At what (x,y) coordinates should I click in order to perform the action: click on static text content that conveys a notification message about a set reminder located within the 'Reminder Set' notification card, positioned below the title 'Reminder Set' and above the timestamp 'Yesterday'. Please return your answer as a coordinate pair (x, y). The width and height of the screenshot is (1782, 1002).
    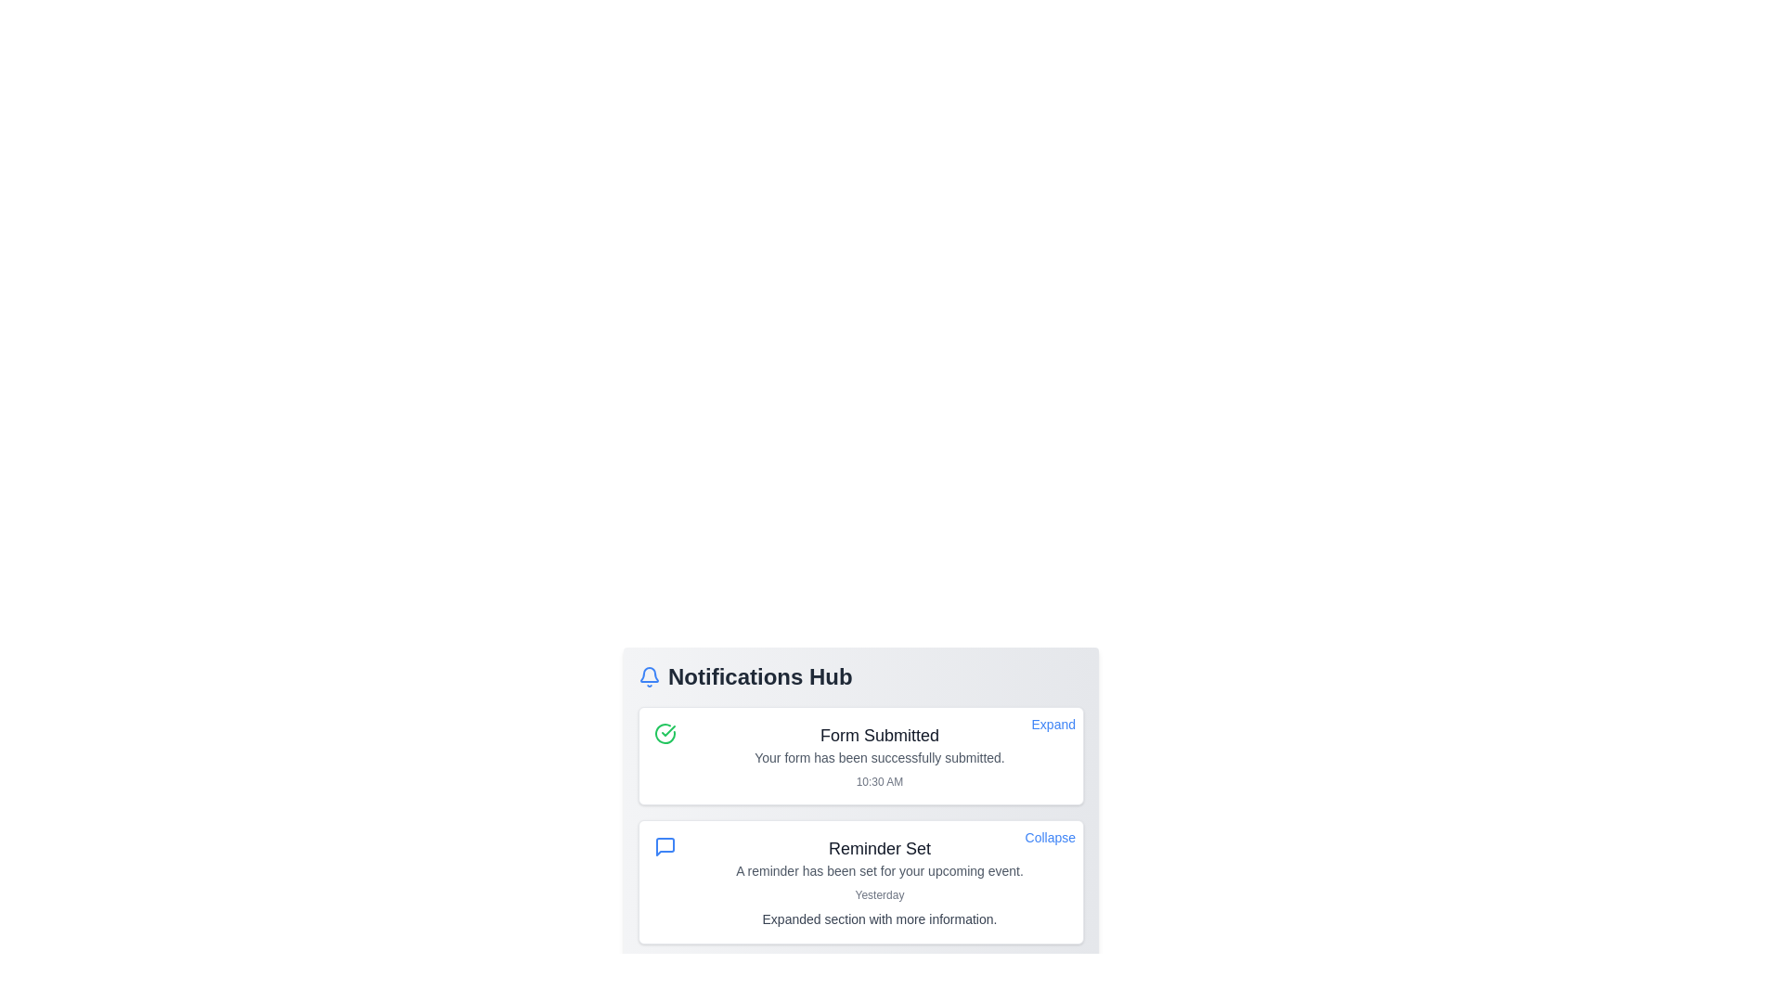
    Looking at the image, I should click on (879, 870).